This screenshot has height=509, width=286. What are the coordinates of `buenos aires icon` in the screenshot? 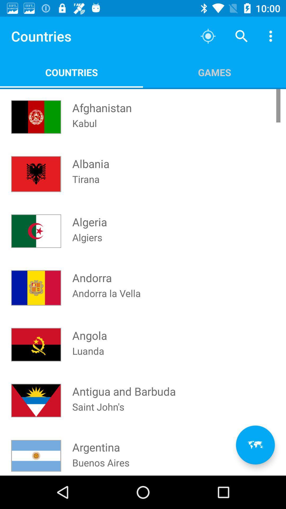 It's located at (101, 466).